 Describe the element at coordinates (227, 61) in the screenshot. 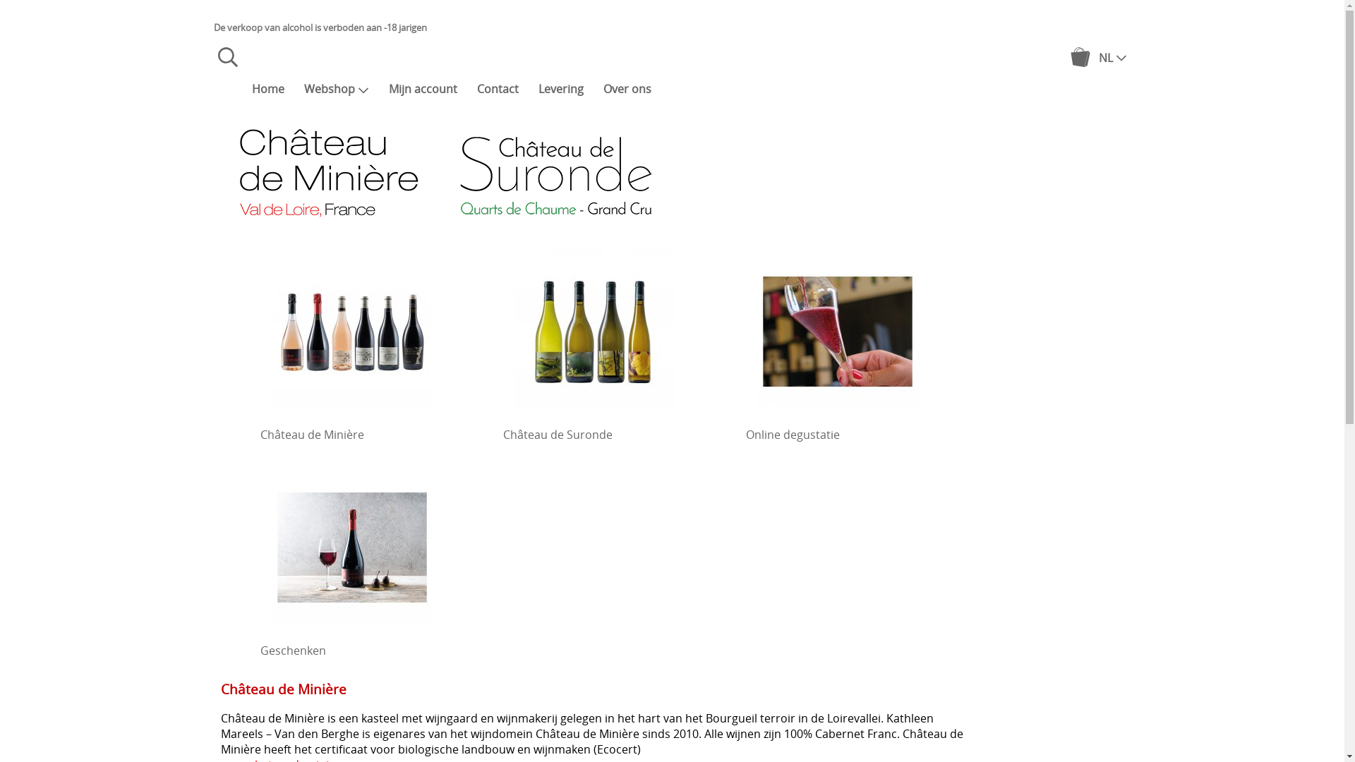

I see `'Zoeken'` at that location.